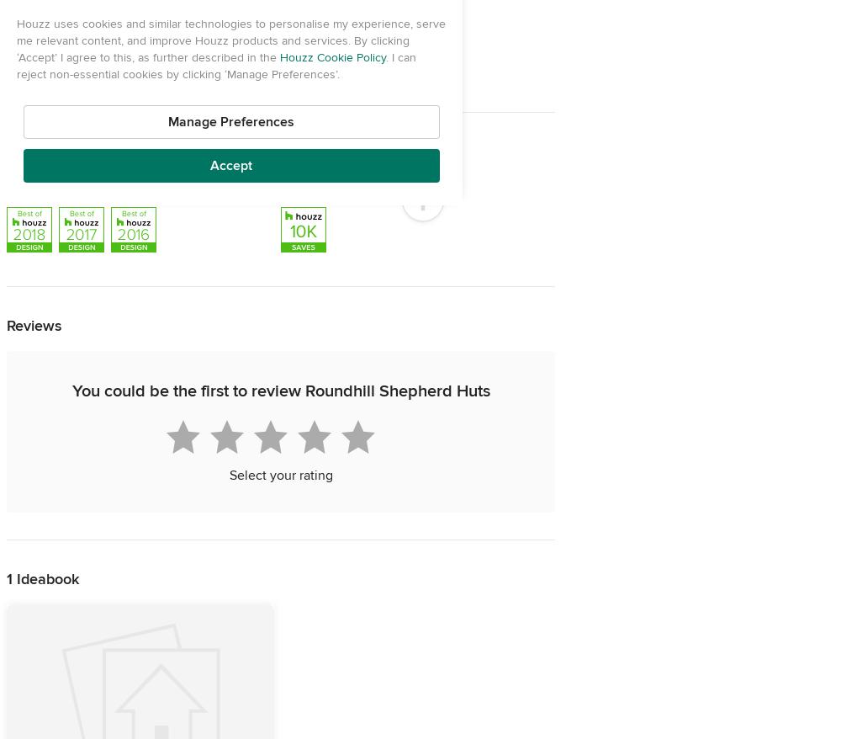 The image size is (841, 739). Describe the element at coordinates (48, 74) in the screenshot. I see `'United Kingdom'` at that location.